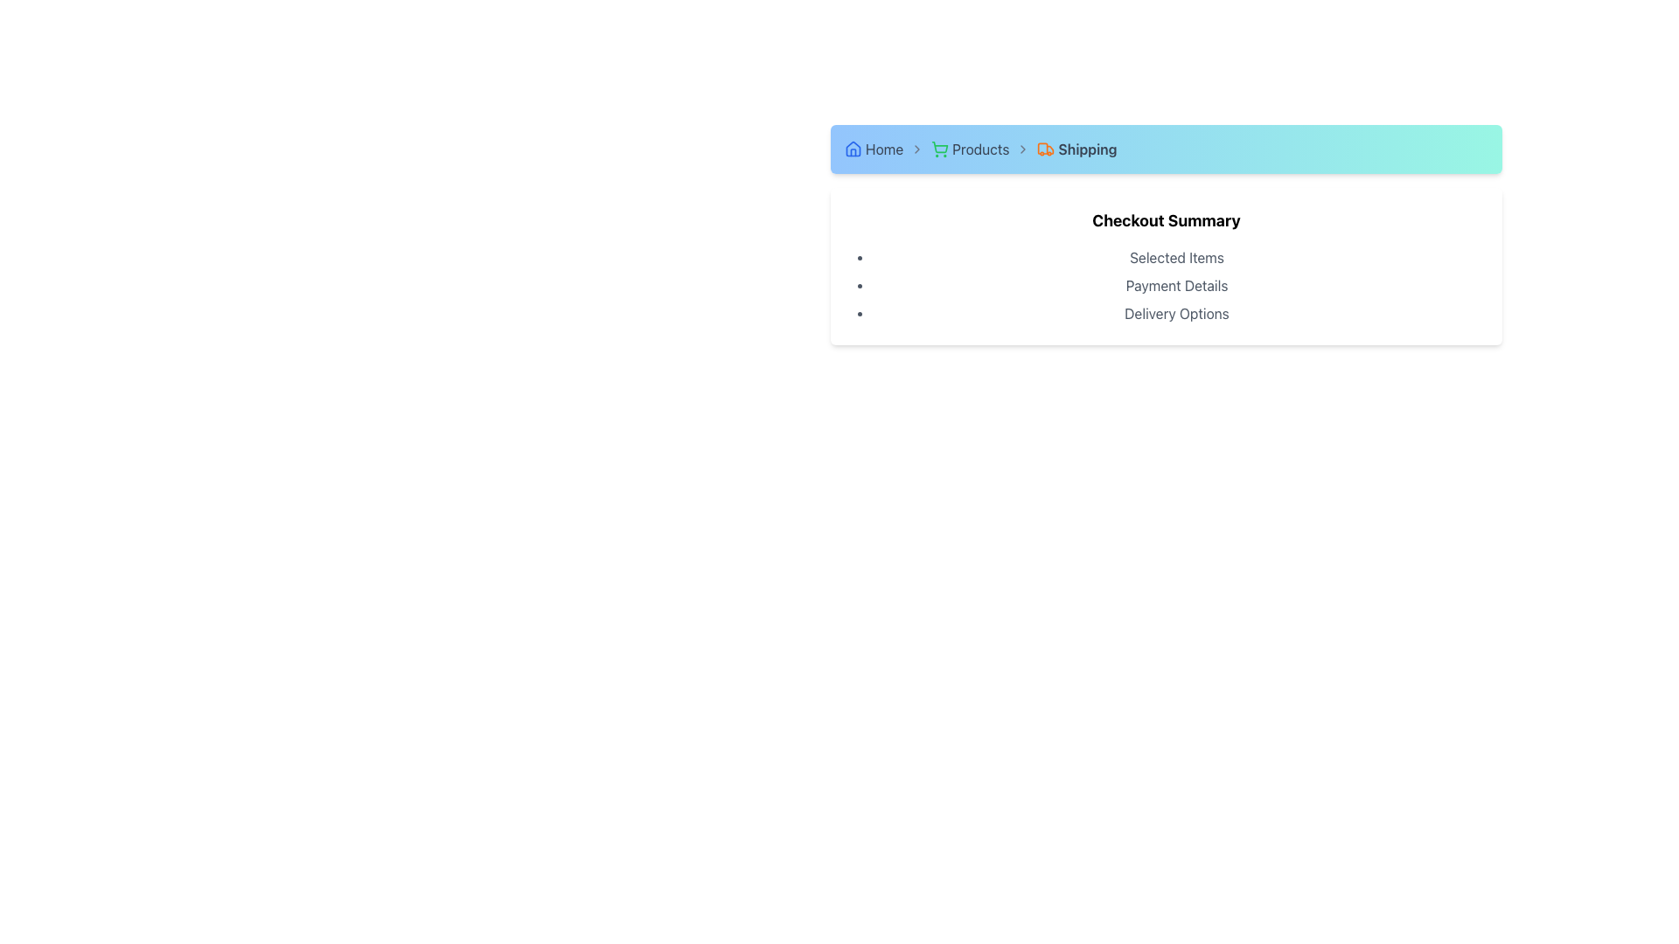 This screenshot has width=1679, height=944. What do you see at coordinates (980, 148) in the screenshot?
I see `the 'Products' navigational breadcrumb link located in the upper section of the interface, positioned to the right of the shopping cart icon` at bounding box center [980, 148].